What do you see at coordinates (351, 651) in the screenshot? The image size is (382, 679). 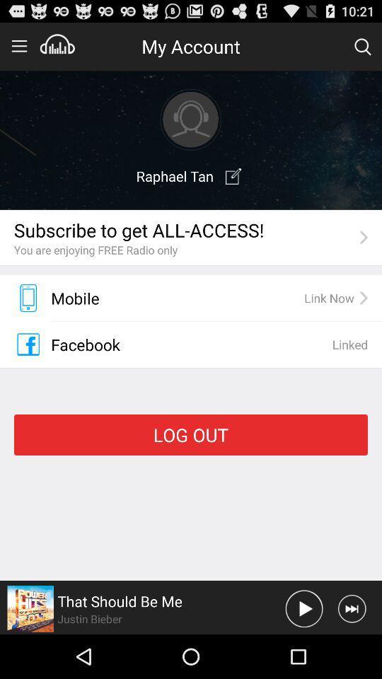 I see `the skip_next icon` at bounding box center [351, 651].